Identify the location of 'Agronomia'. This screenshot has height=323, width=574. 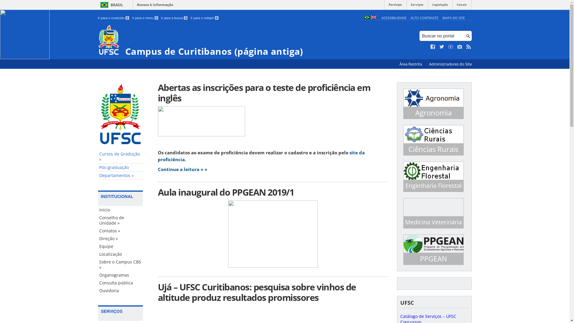
(433, 113).